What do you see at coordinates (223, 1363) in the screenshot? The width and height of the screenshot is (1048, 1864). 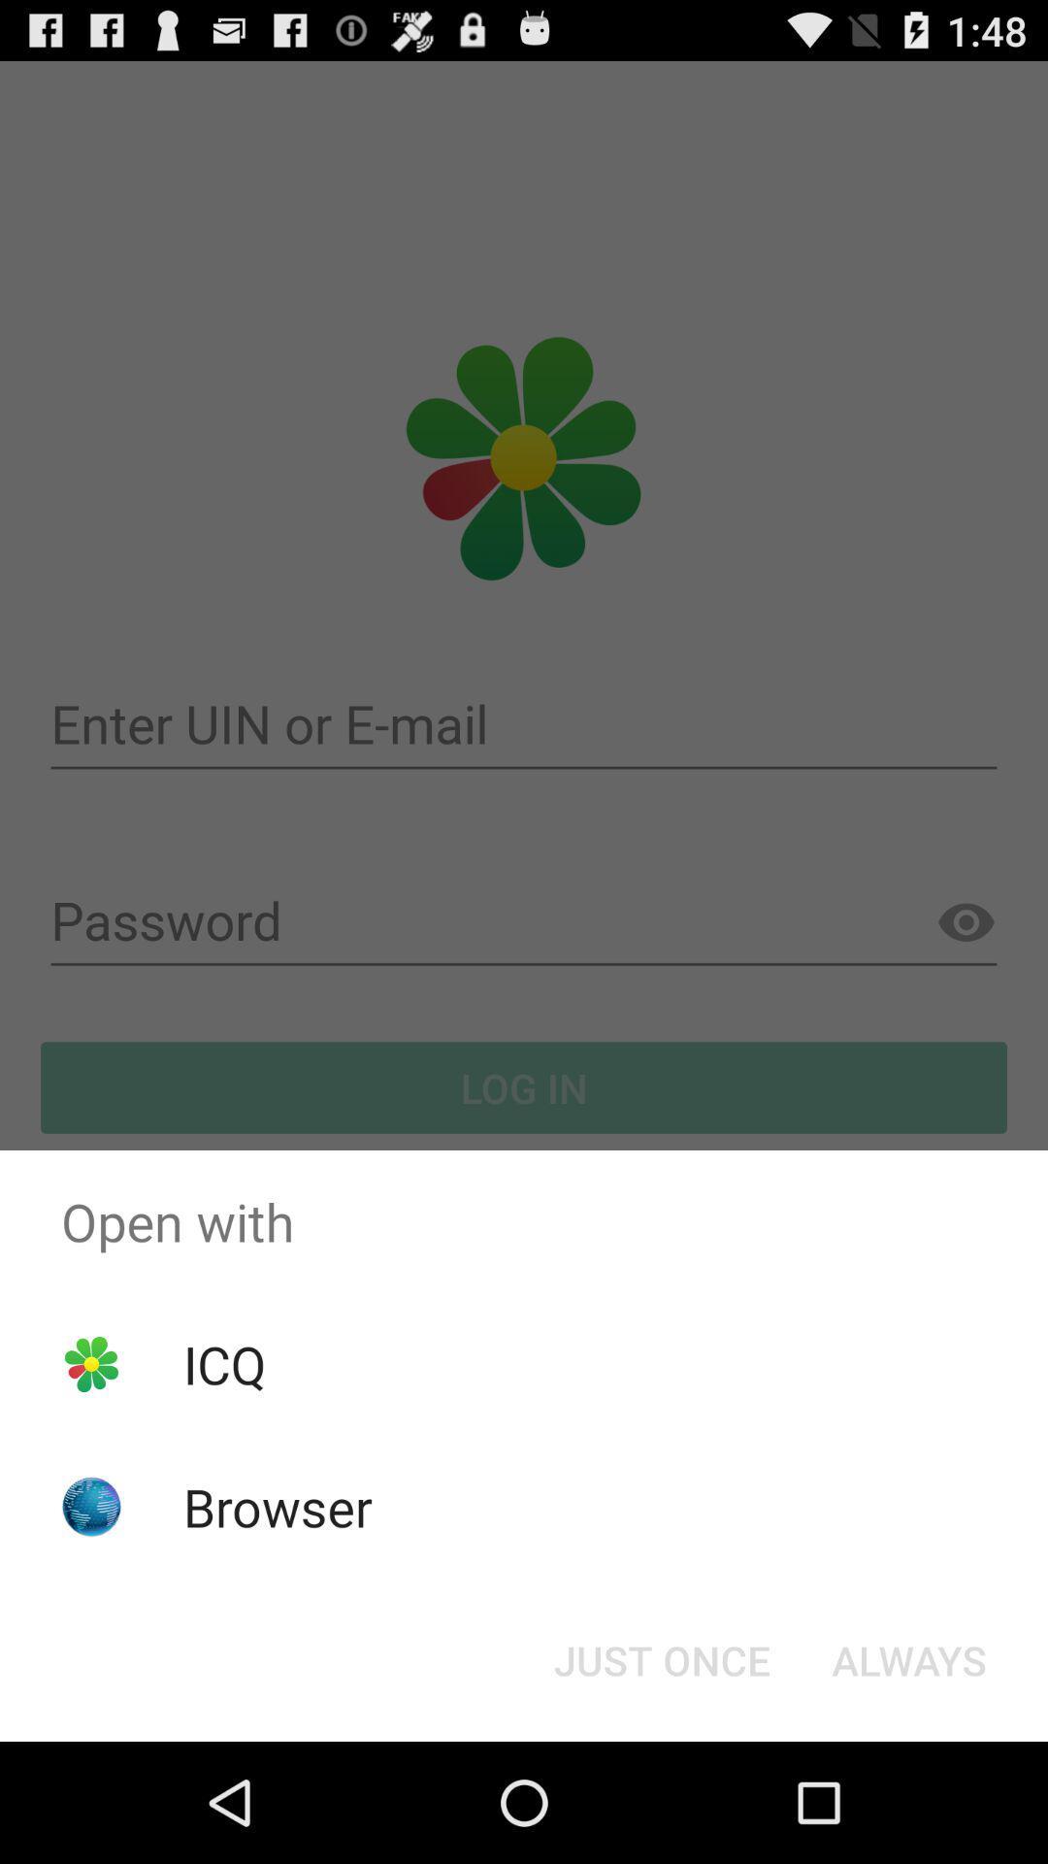 I see `icq icon` at bounding box center [223, 1363].